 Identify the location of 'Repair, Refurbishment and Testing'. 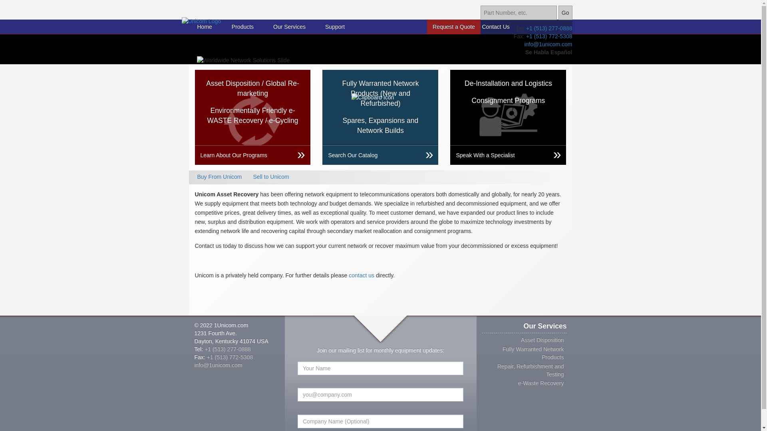
(497, 370).